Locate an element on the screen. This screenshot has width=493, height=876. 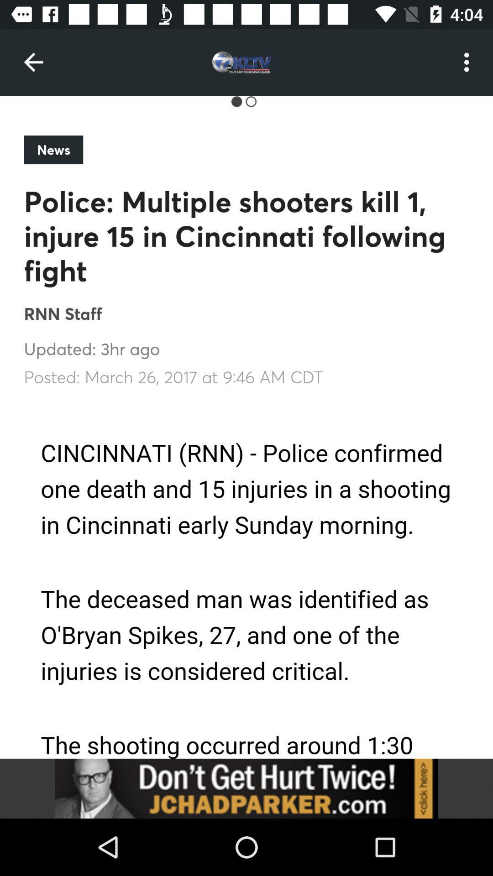
text option is located at coordinates (246, 579).